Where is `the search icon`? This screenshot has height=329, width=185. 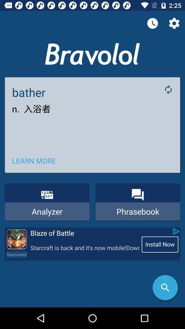
the search icon is located at coordinates (165, 288).